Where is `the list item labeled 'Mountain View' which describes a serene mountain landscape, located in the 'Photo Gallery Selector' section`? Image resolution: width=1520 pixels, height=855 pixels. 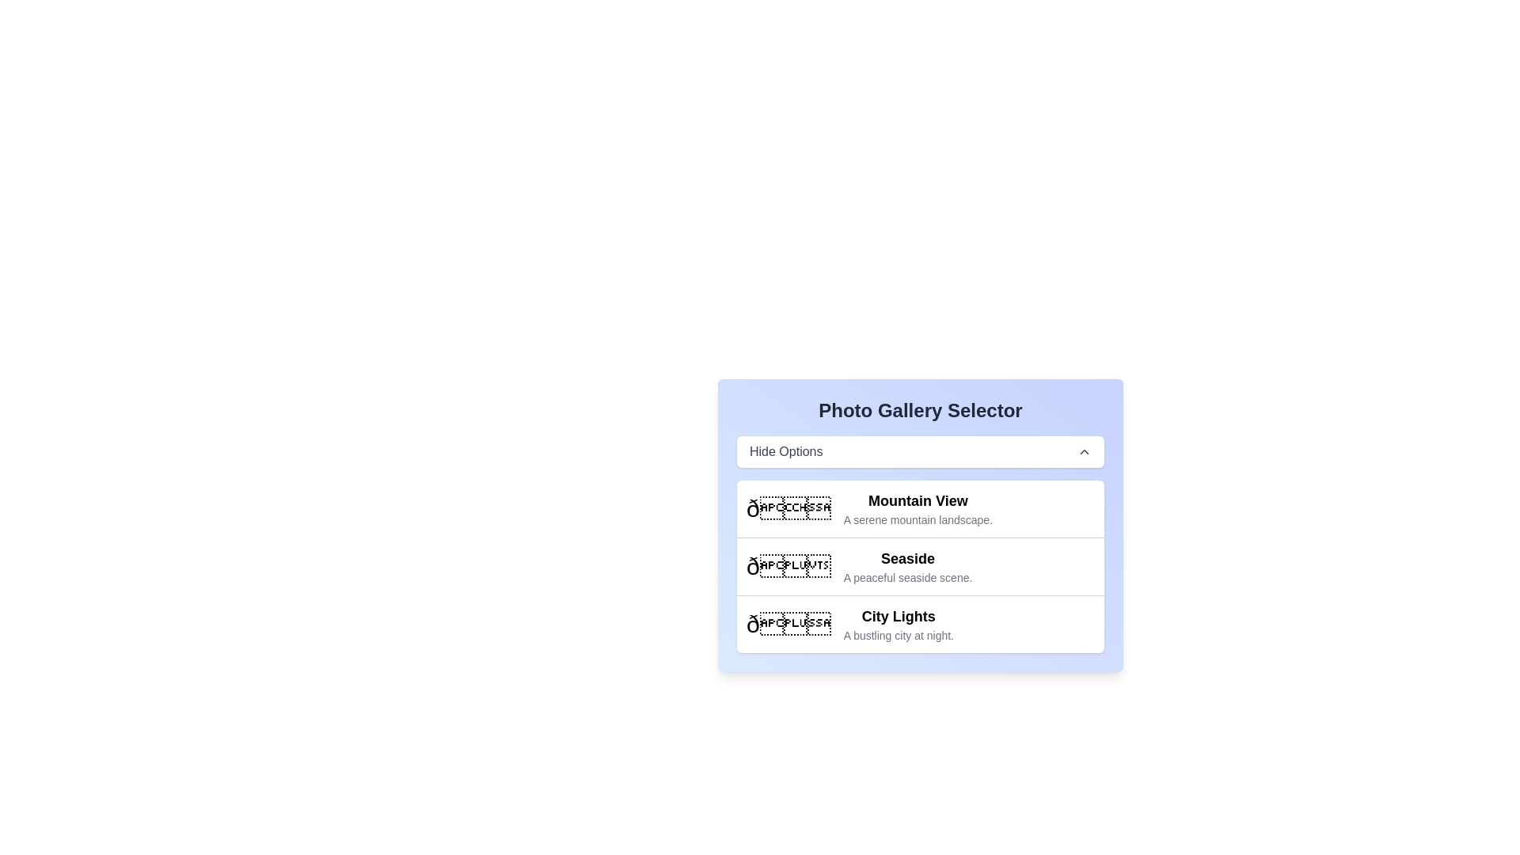 the list item labeled 'Mountain View' which describes a serene mountain landscape, located in the 'Photo Gallery Selector' section is located at coordinates (920, 509).